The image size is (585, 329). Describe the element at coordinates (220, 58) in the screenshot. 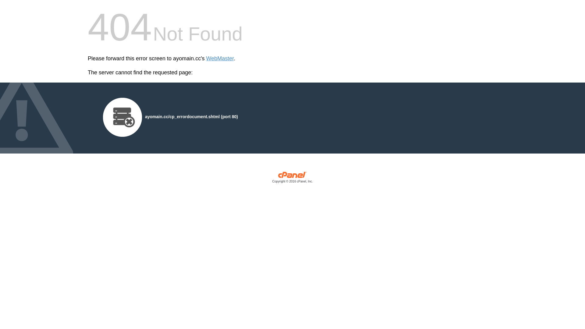

I see `'WebMaster'` at that location.